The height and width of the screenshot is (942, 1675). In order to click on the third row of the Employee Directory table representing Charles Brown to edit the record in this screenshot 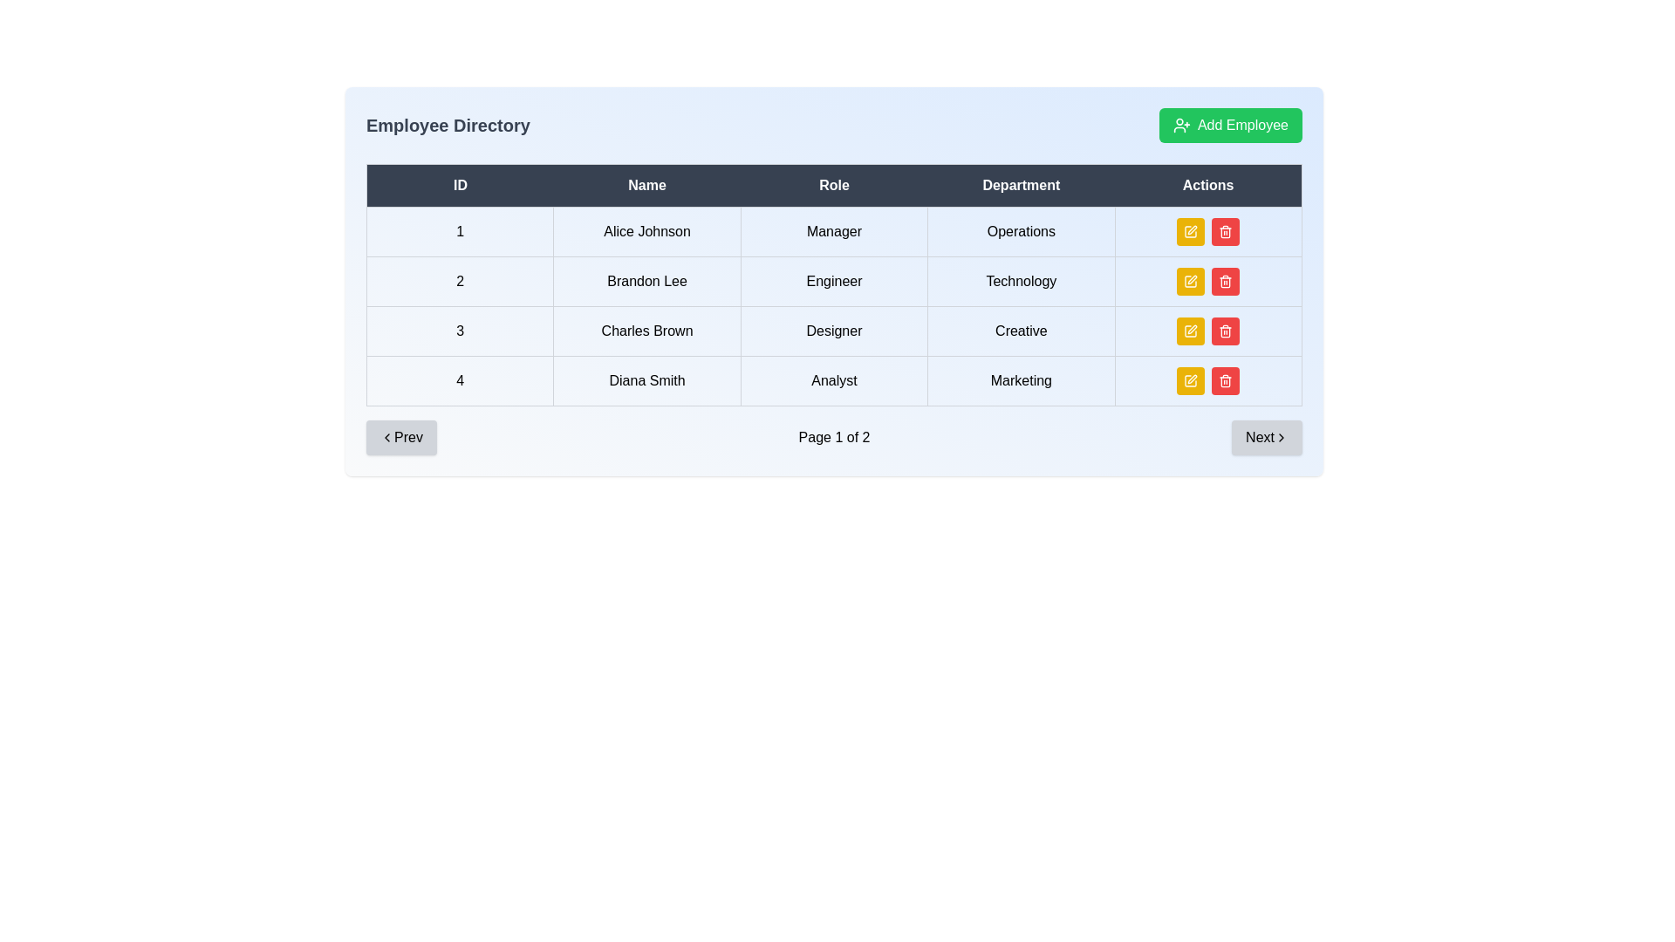, I will do `click(833, 331)`.